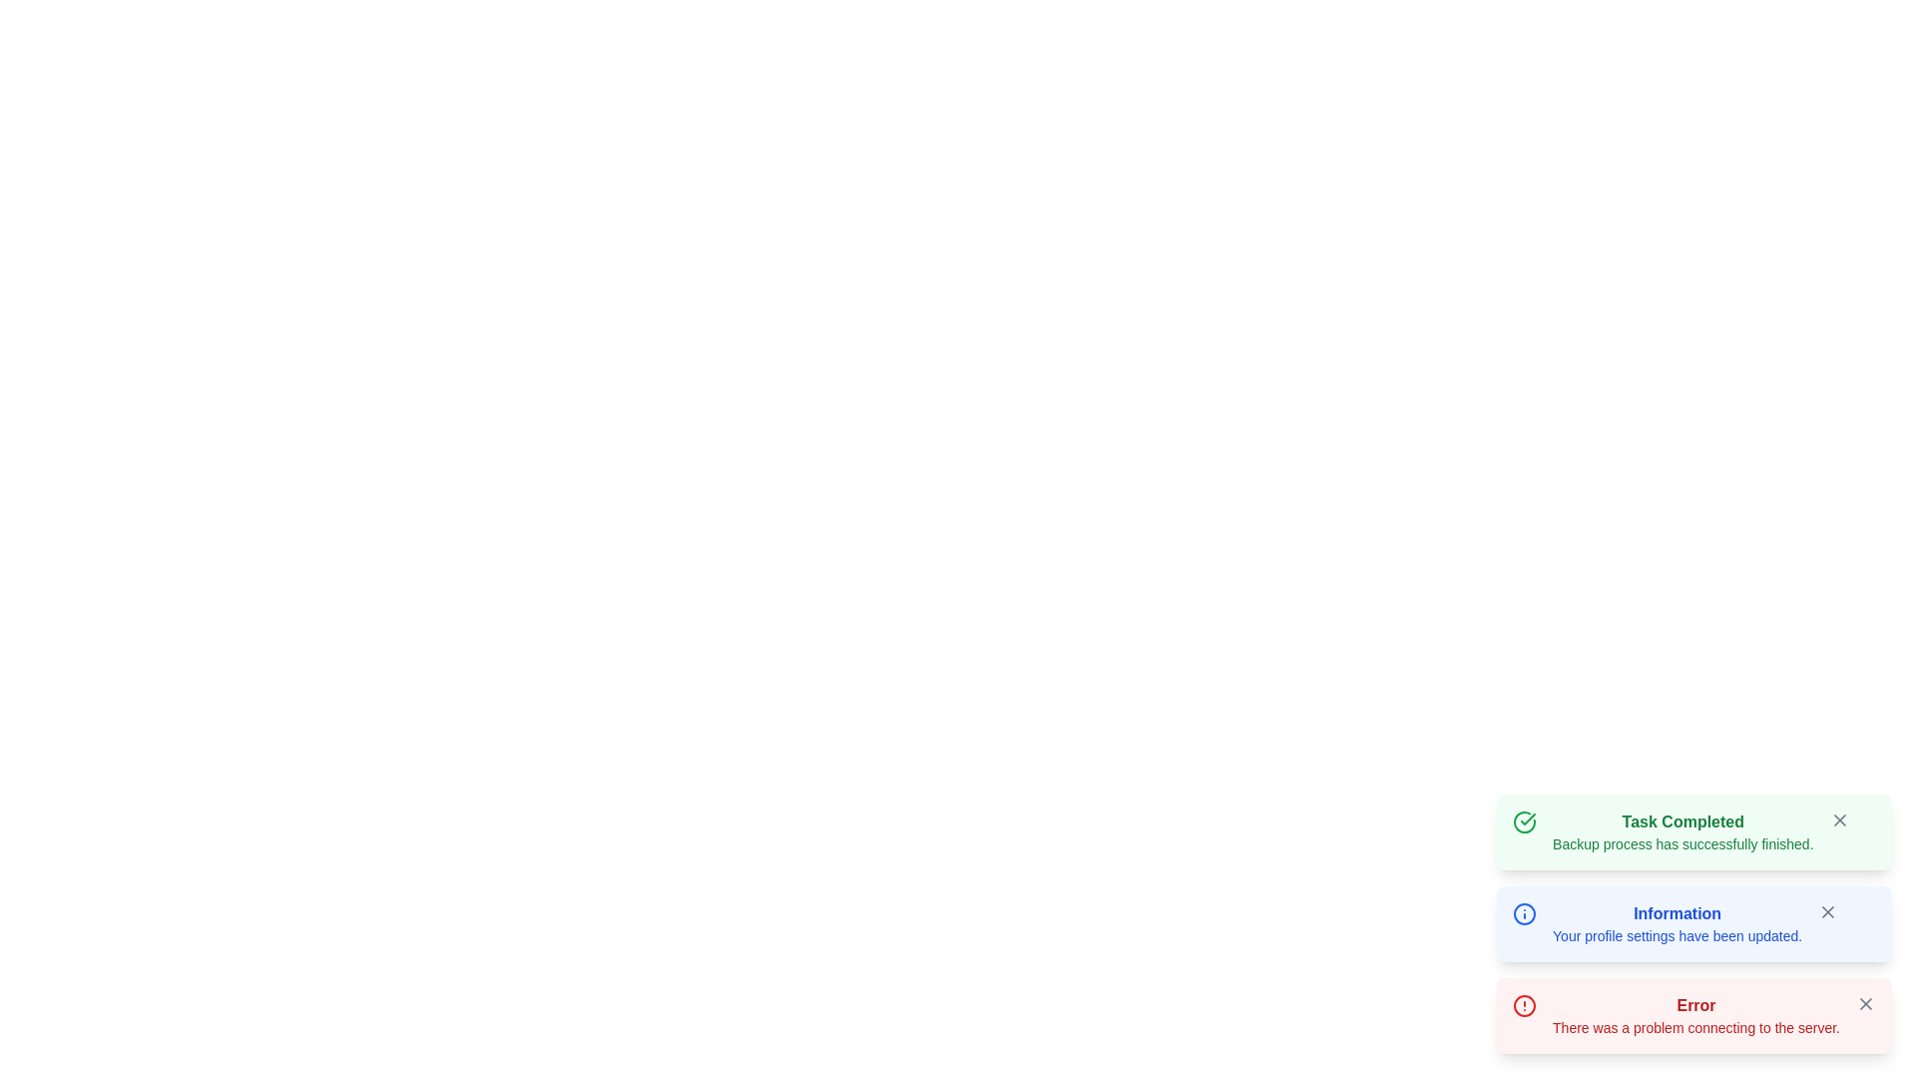 This screenshot has width=1916, height=1078. Describe the element at coordinates (1681, 822) in the screenshot. I see `the 'Task Completed' text label, which is displayed in bold green color at the top of a notification box, indicating a successful task completion` at that location.